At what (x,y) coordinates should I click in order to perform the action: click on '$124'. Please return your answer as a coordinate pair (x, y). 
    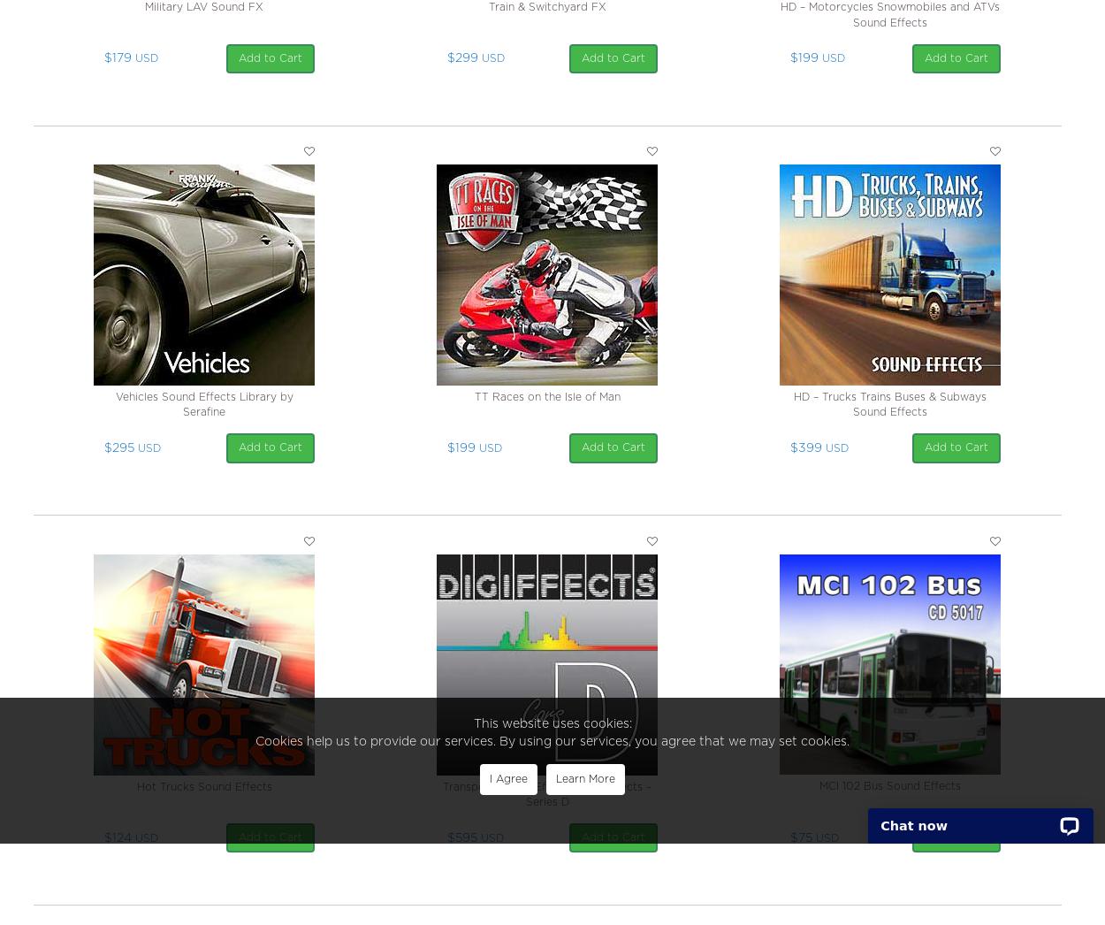
    Looking at the image, I should click on (118, 837).